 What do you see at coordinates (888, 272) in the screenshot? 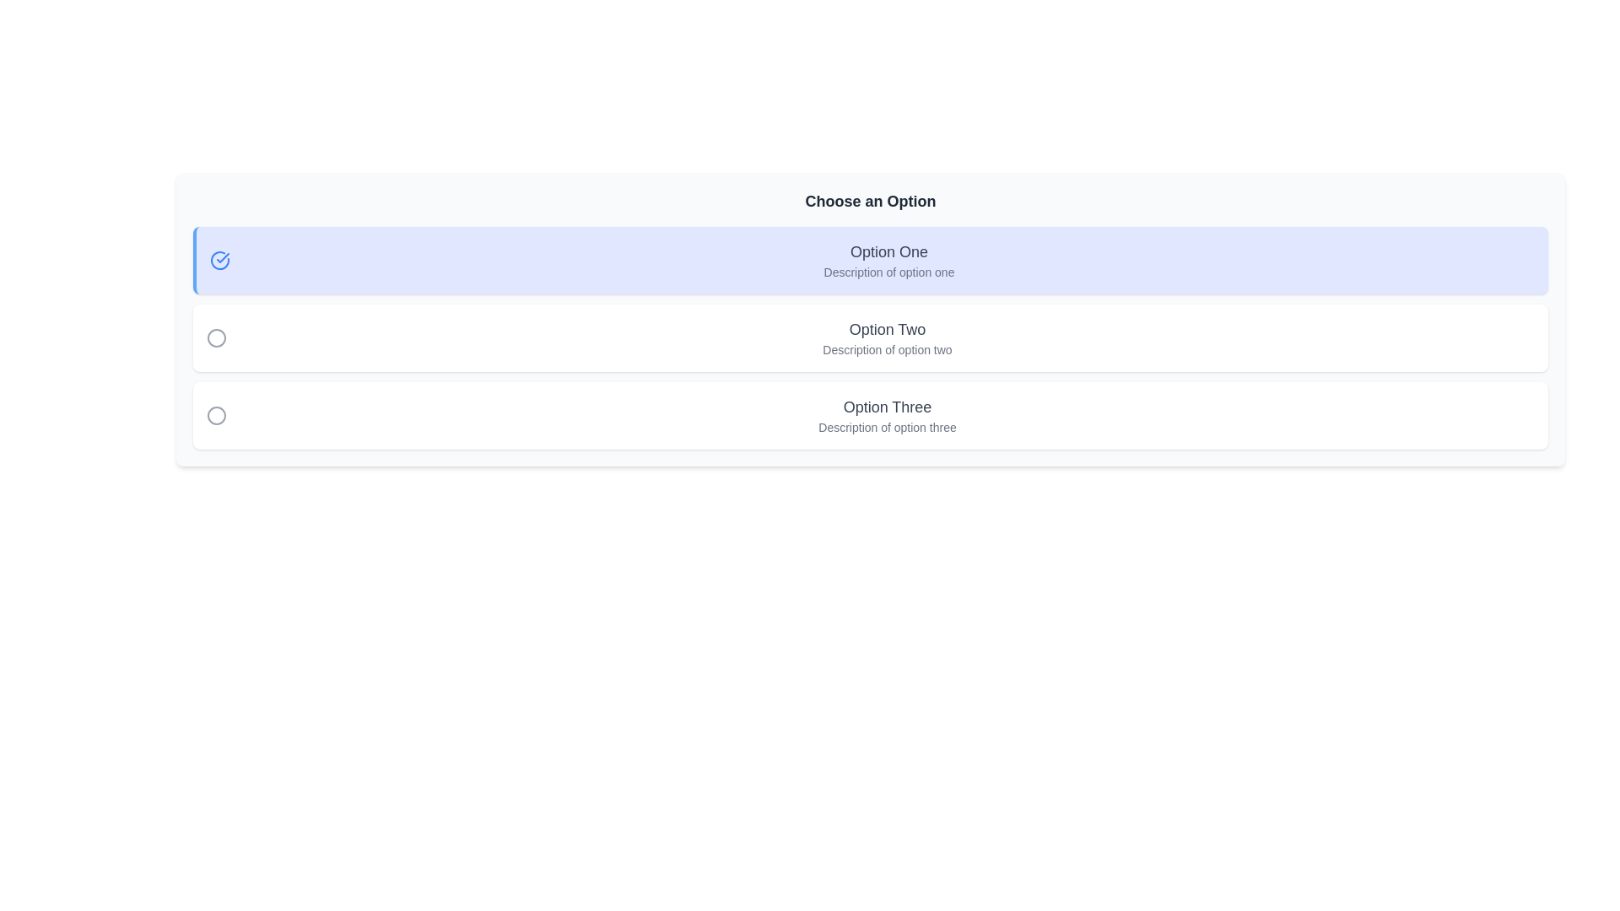
I see `text of the Label element that displays 'Description of option one', which is positioned below the header 'Option One'` at bounding box center [888, 272].